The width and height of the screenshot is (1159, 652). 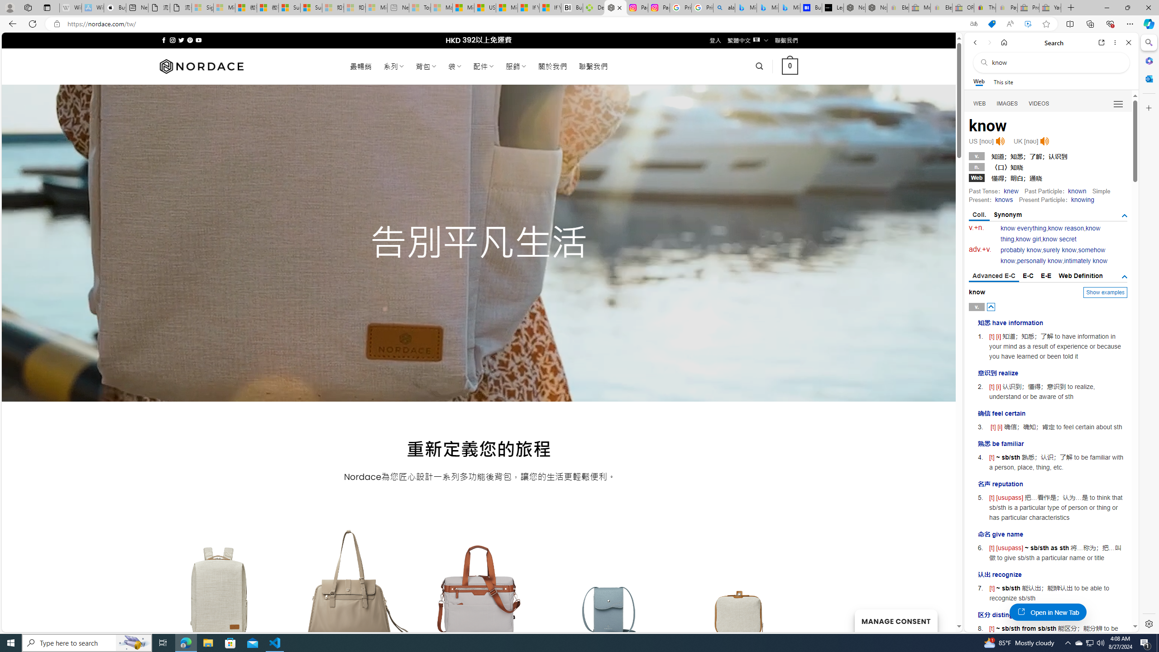 I want to click on 'Click to listen', so click(x=1044, y=141).